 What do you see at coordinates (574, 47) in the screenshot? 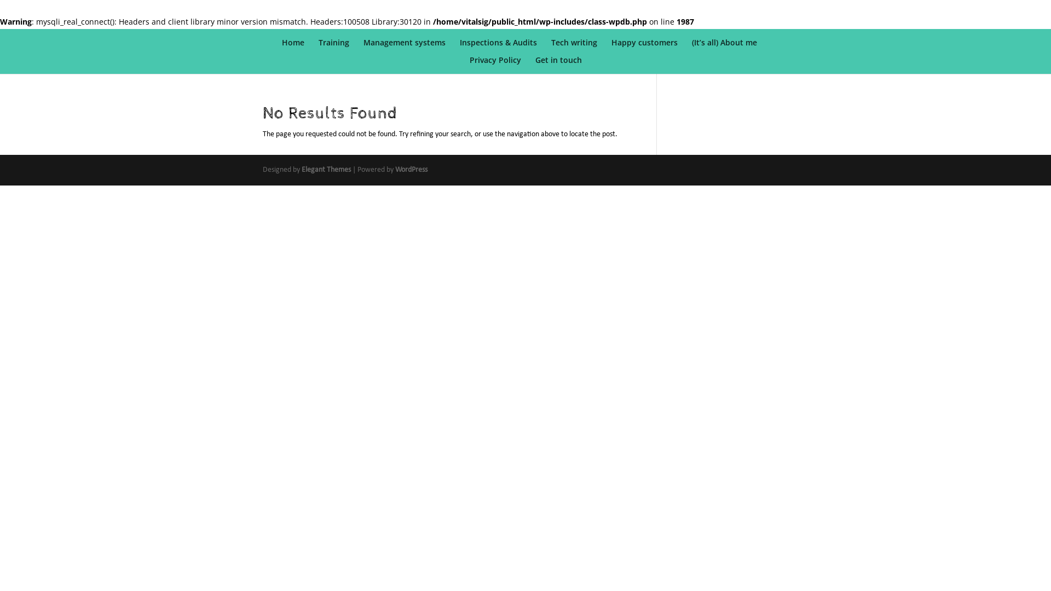
I see `'Tech writing'` at bounding box center [574, 47].